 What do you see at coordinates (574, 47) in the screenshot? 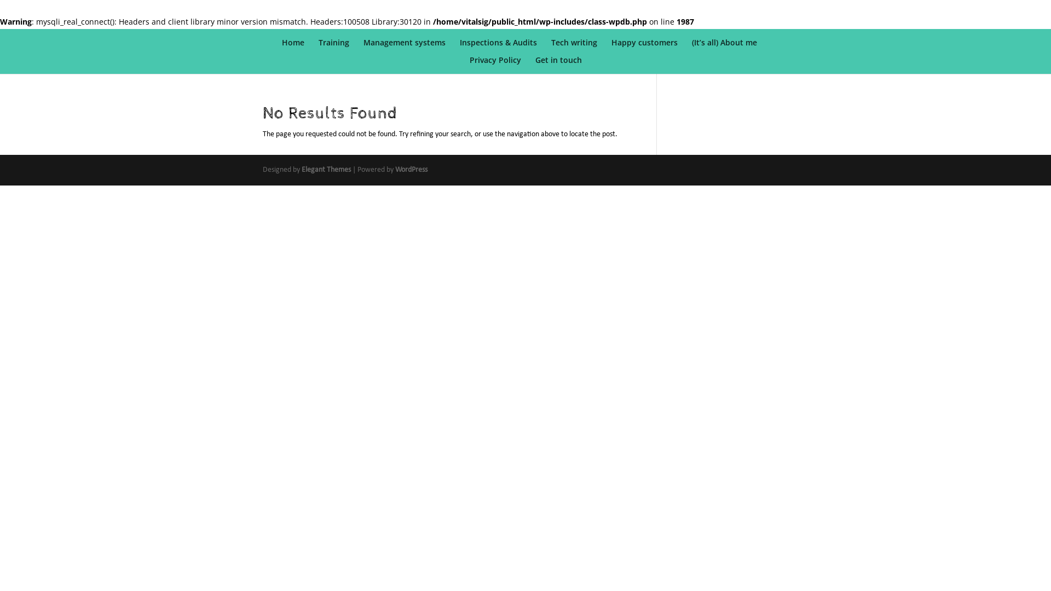
I see `'Tech writing'` at bounding box center [574, 47].